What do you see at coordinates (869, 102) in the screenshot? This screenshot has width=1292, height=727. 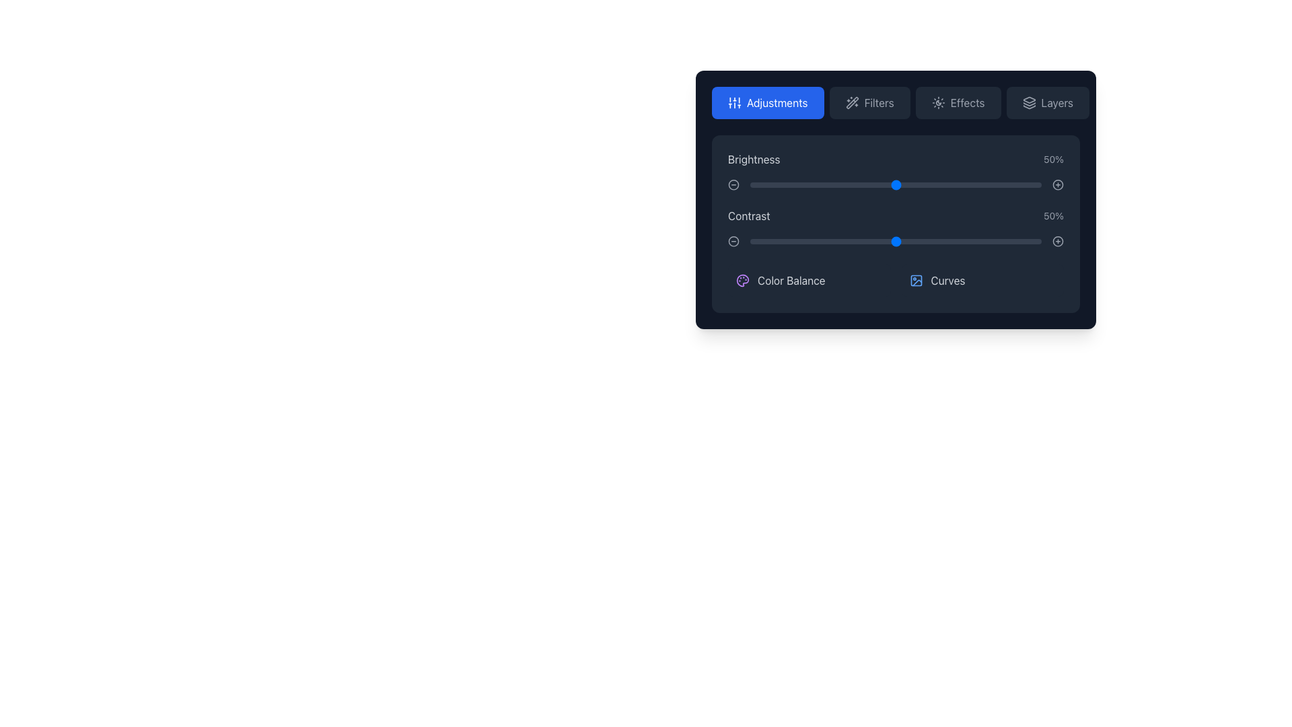 I see `the filter access button located second from the left in the horizontal row of buttons at the top of the interface, which is to the immediate right of the 'Adjustments' button` at bounding box center [869, 102].